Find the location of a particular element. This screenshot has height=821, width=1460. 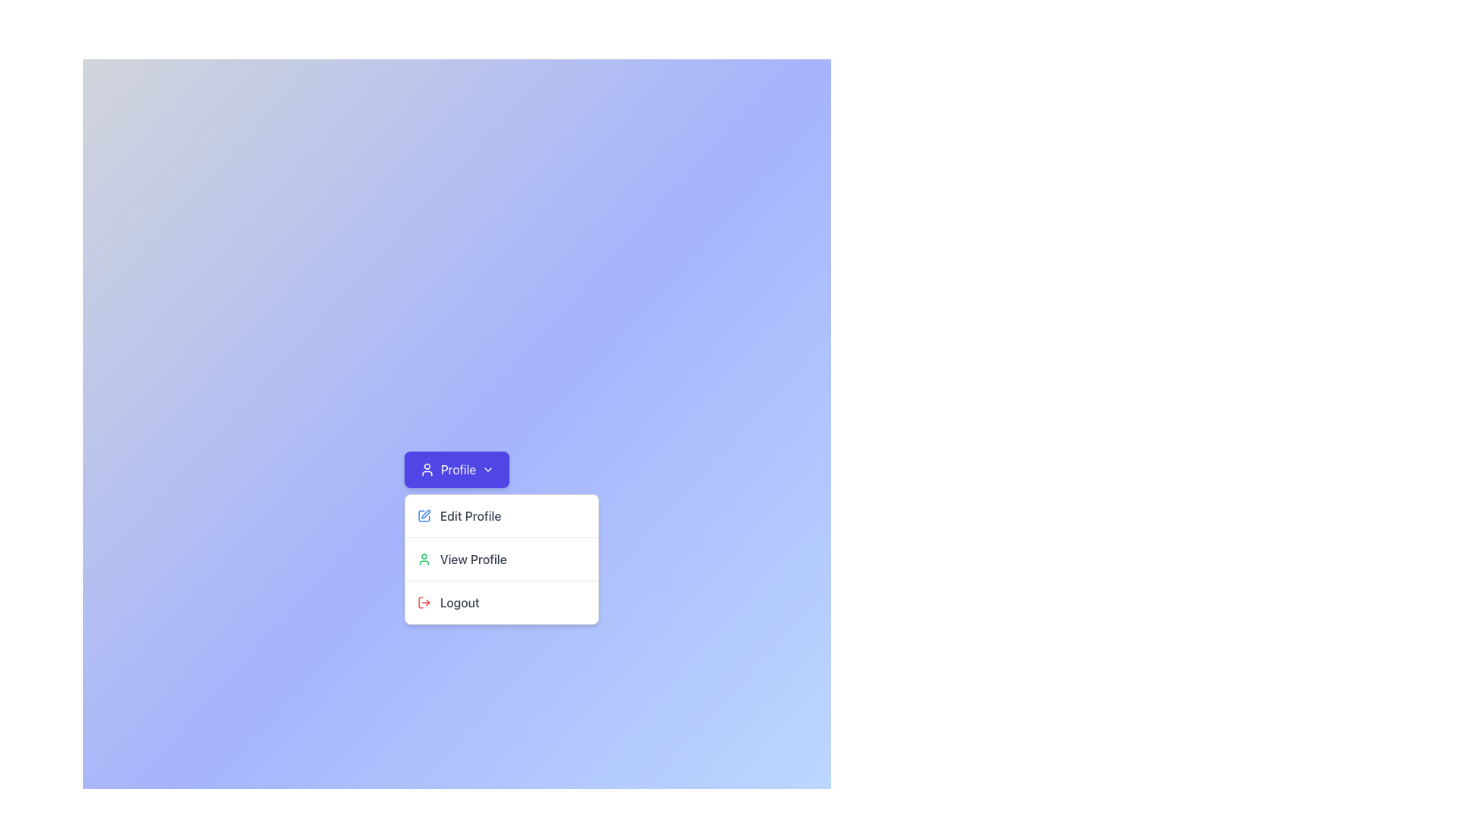

the pen icon within the SVG component located in the dropdown menu under the 'Edit Profile' button is located at coordinates (426, 513).